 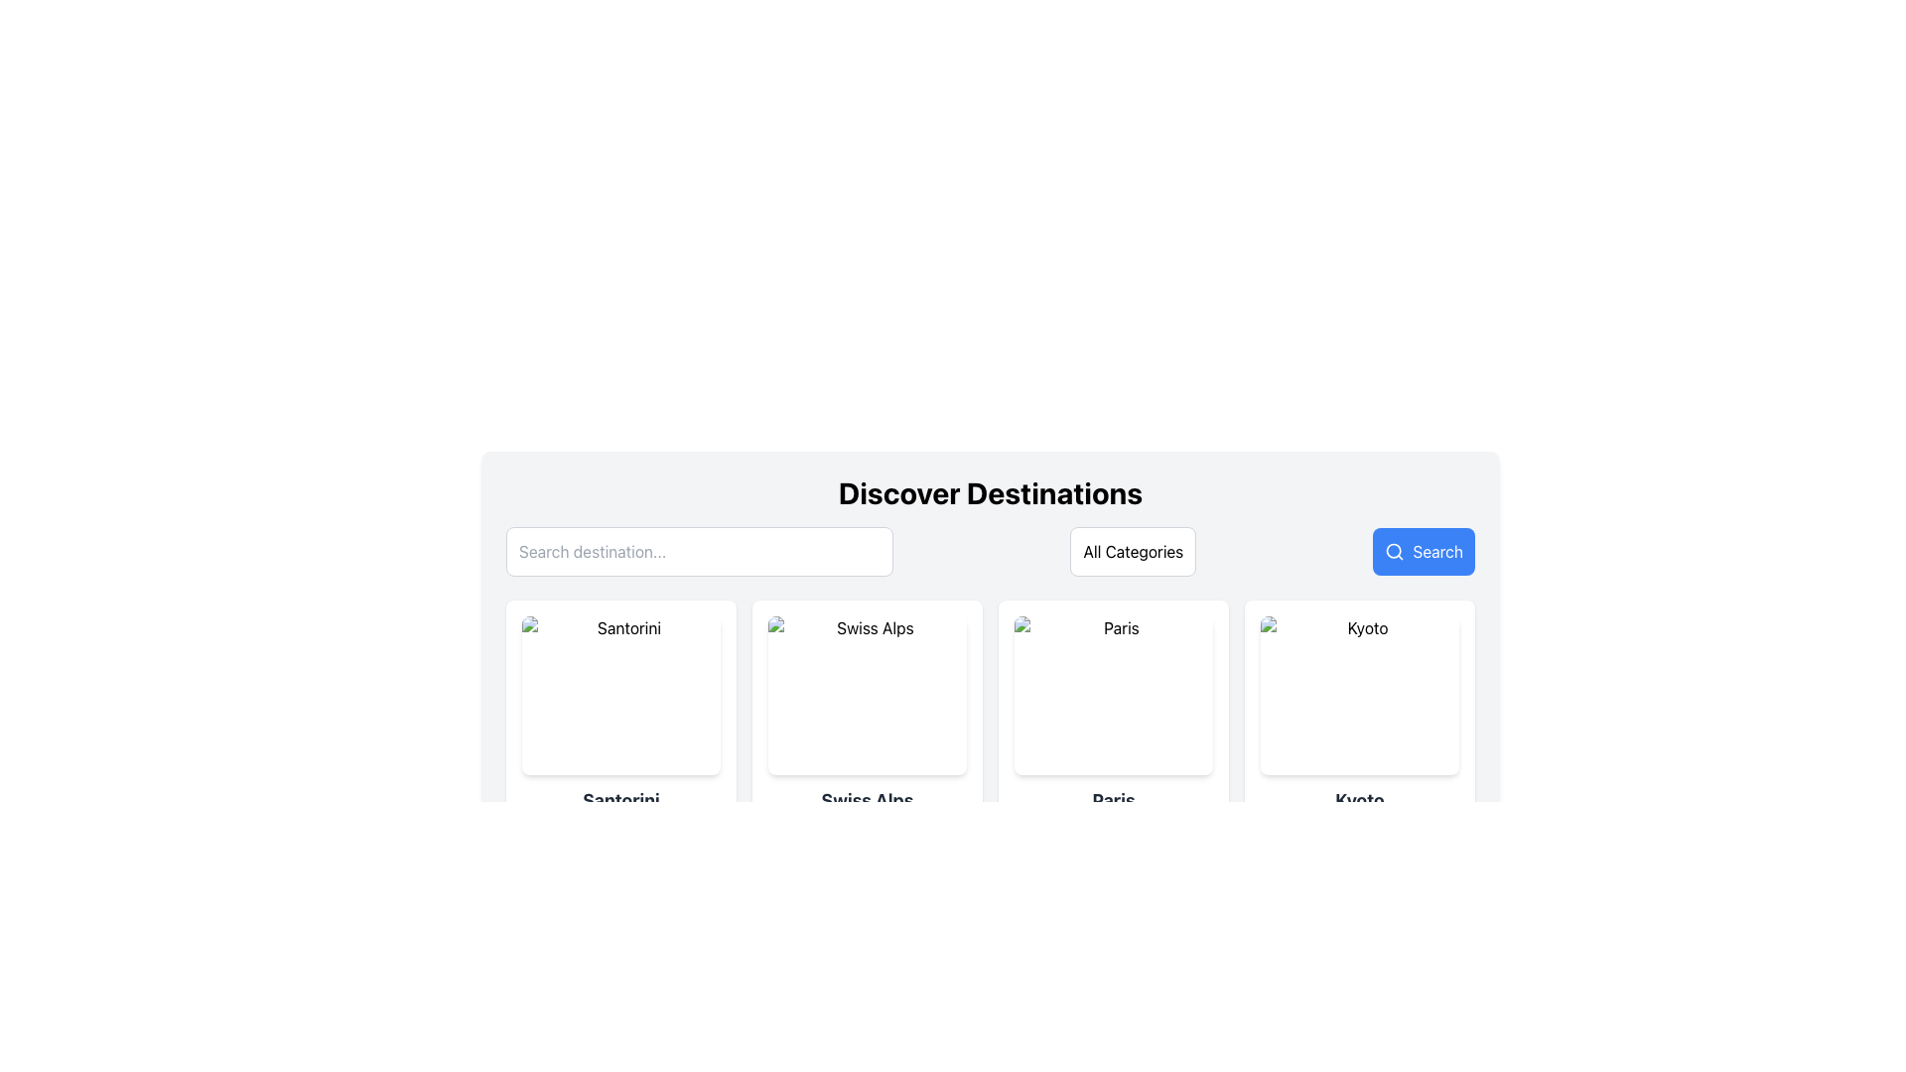 What do you see at coordinates (619, 730) in the screenshot?
I see `the interactive card for the travel destination 'Santorini' located` at bounding box center [619, 730].